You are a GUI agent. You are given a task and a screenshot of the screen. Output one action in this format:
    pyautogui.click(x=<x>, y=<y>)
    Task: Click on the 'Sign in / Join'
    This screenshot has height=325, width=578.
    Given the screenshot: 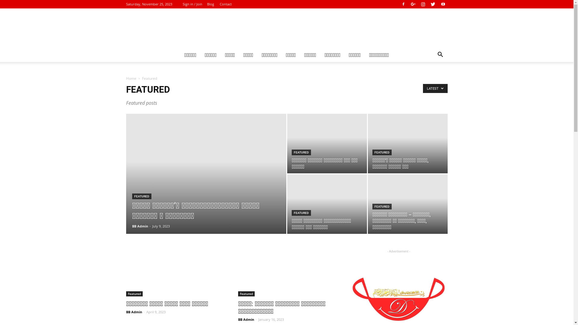 What is the action you would take?
    pyautogui.click(x=182, y=4)
    